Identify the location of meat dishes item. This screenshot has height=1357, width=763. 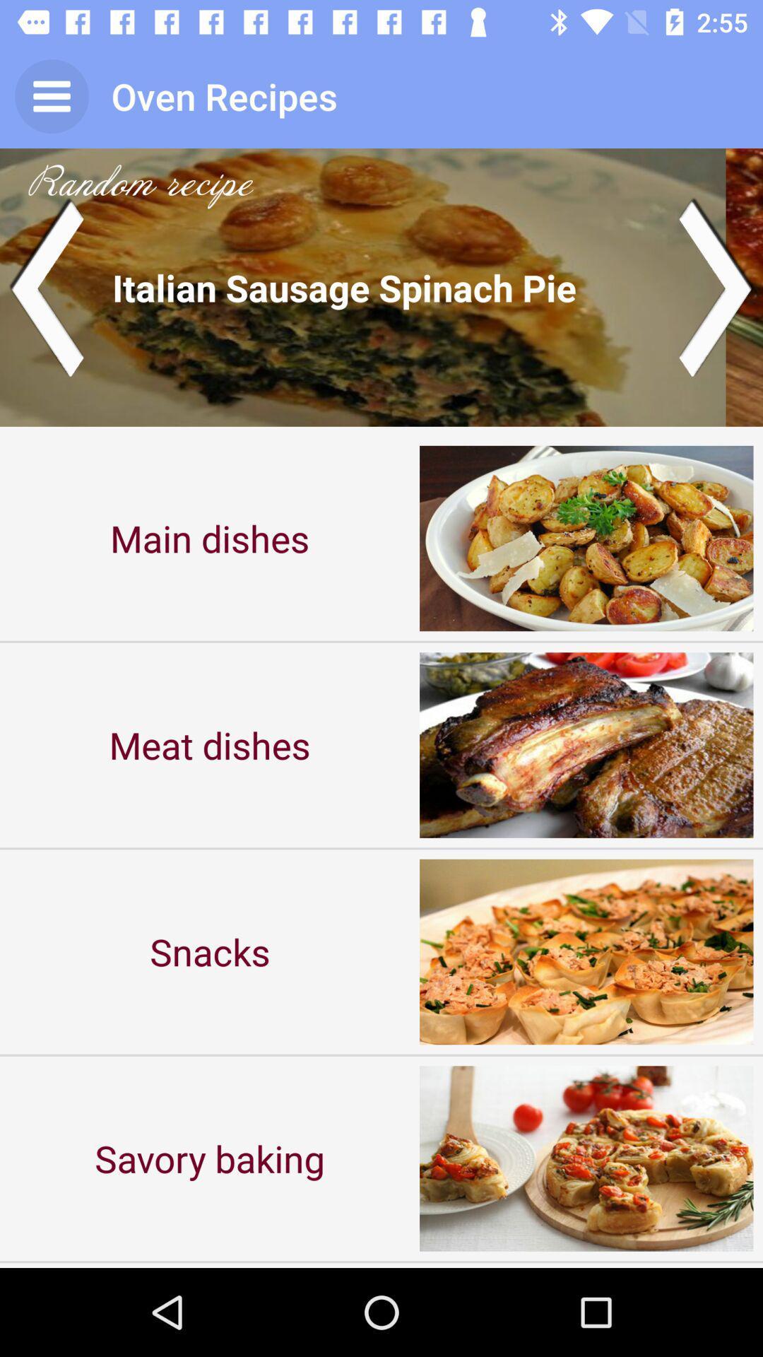
(210, 744).